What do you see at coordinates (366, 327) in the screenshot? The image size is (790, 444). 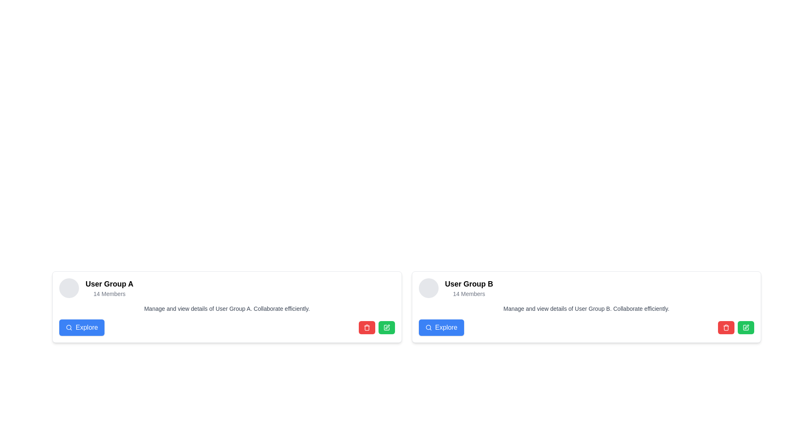 I see `the delete button for User Group A located at the bottom-right corner of the user group card` at bounding box center [366, 327].